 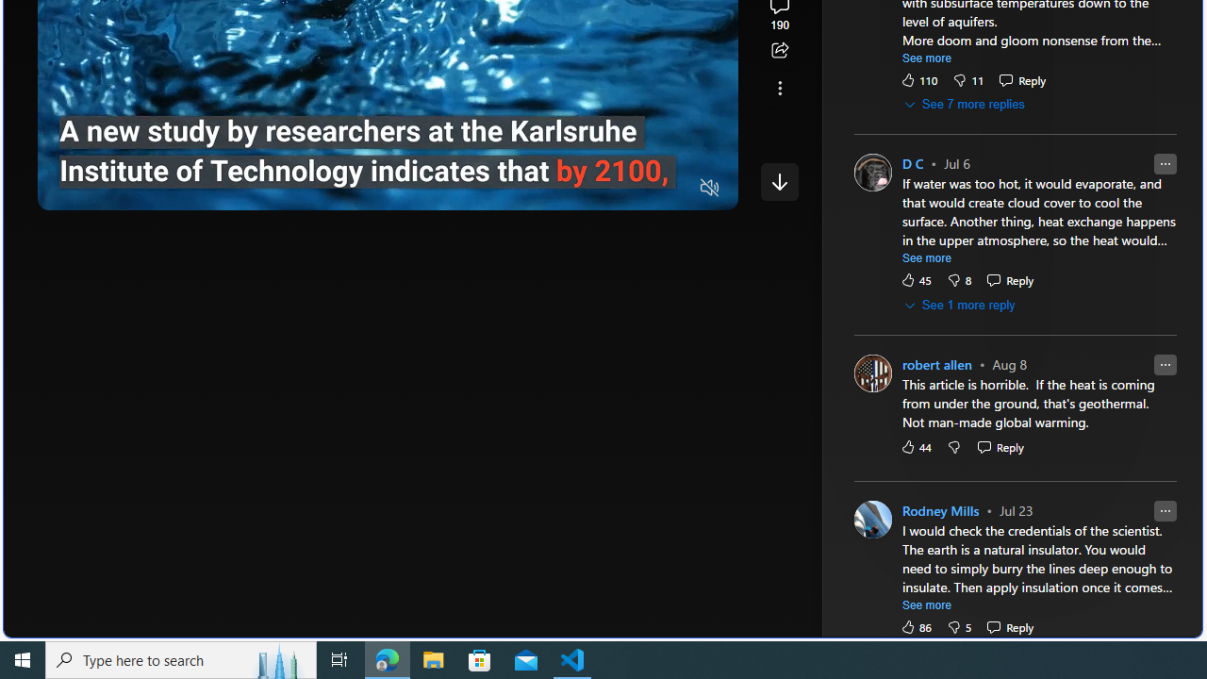 What do you see at coordinates (871, 519) in the screenshot?
I see `'Profile Picture'` at bounding box center [871, 519].